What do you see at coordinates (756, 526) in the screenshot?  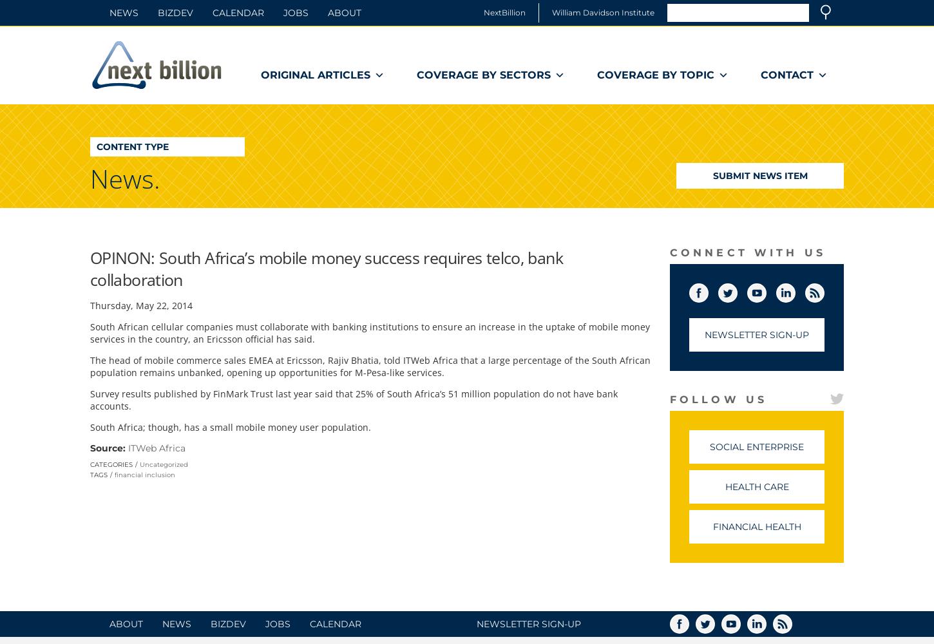 I see `'Financial Health'` at bounding box center [756, 526].